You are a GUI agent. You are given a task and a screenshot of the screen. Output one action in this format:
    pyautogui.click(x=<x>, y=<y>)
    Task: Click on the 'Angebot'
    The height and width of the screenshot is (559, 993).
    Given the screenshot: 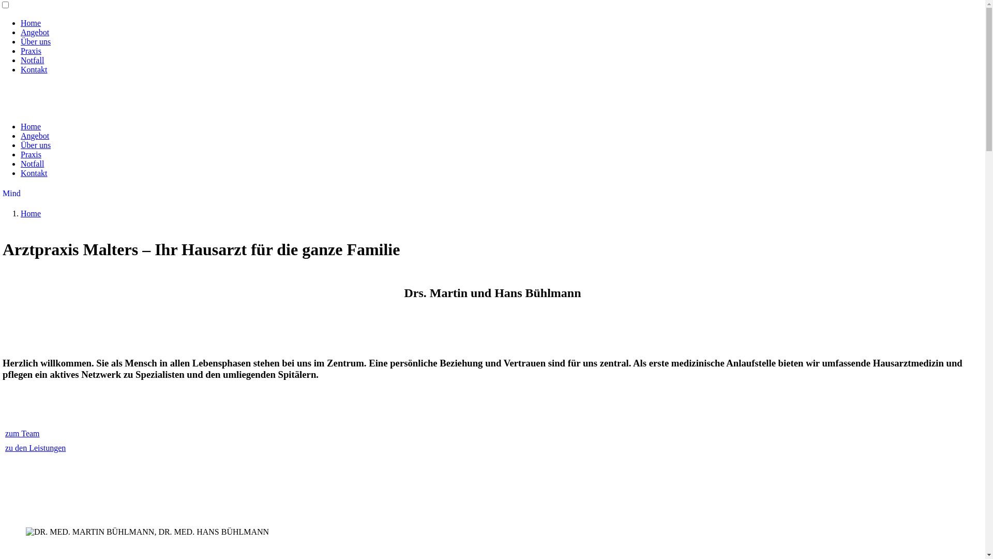 What is the action you would take?
    pyautogui.click(x=35, y=135)
    